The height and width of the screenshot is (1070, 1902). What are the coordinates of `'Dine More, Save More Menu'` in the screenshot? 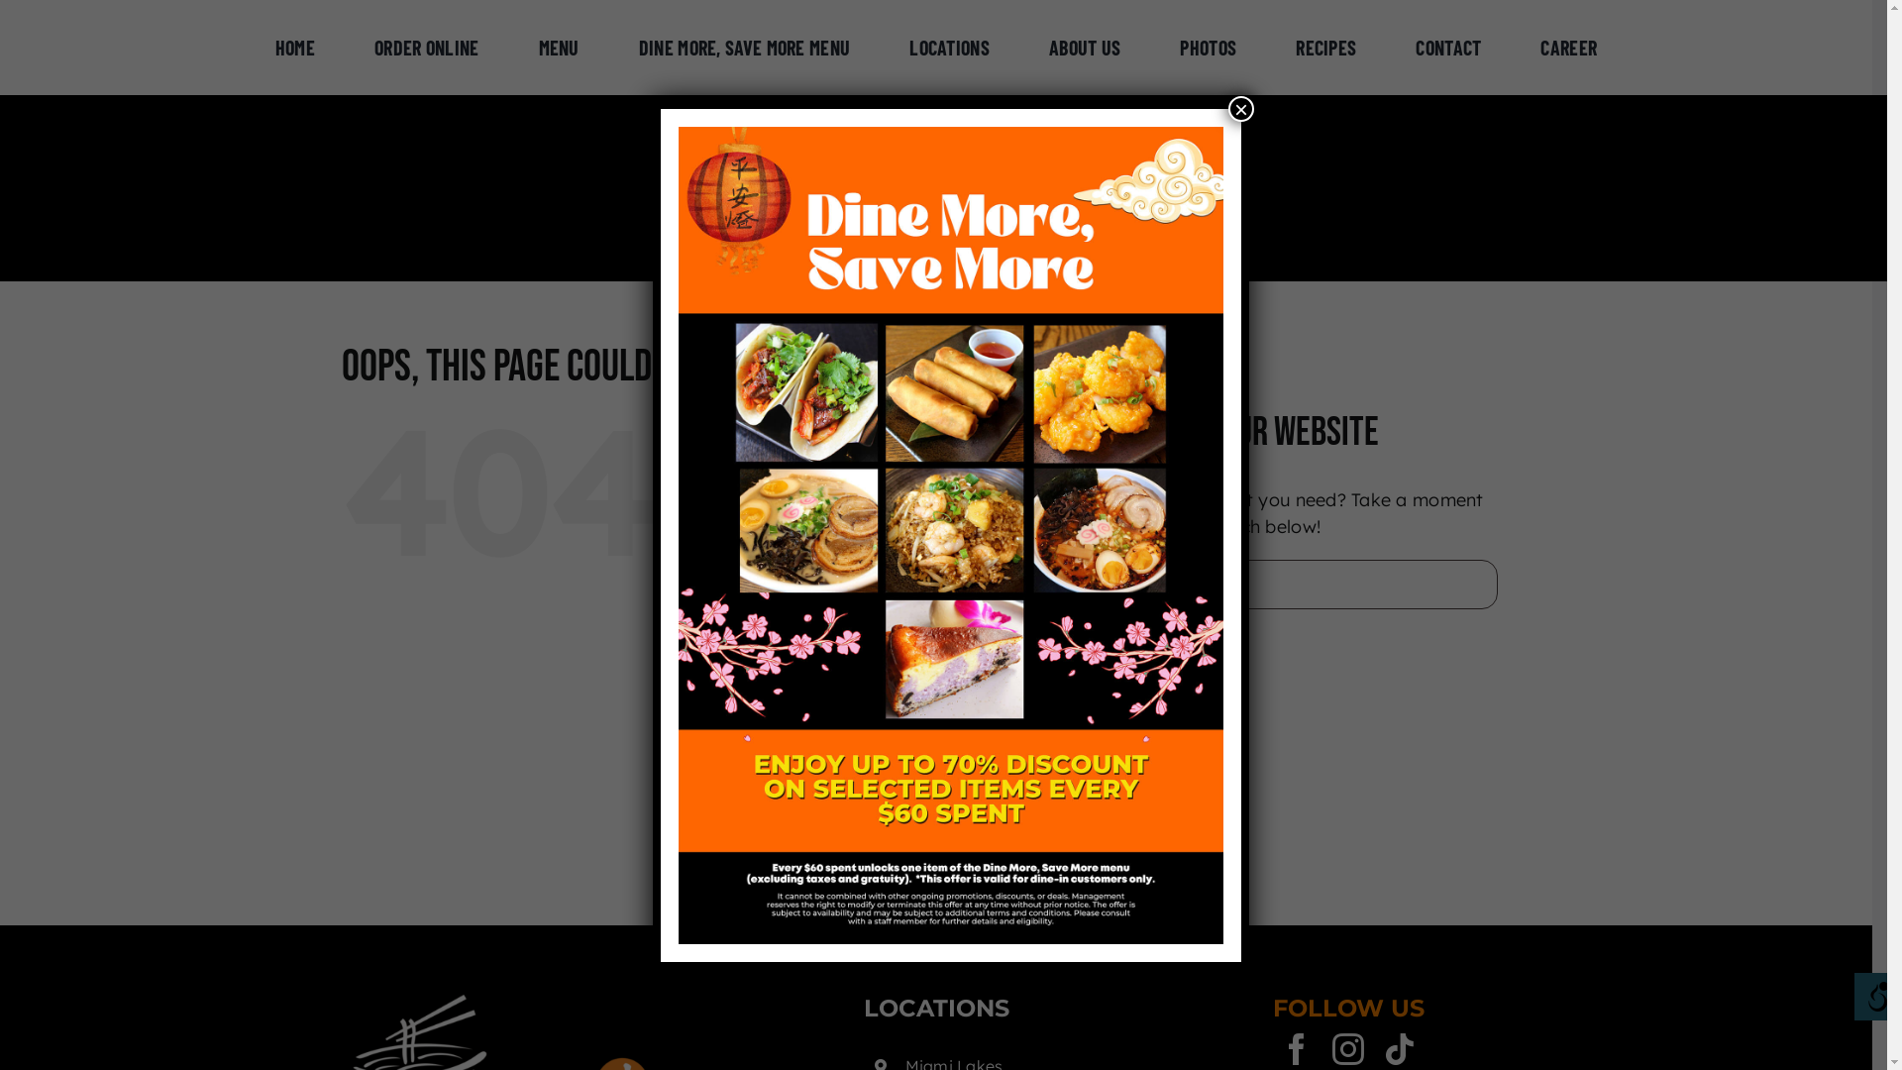 It's located at (939, 617).